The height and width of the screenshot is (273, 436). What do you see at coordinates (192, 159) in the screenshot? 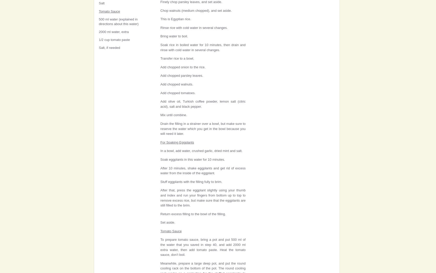
I see `'Soak eggplants in this water for 10 minutes.'` at bounding box center [192, 159].